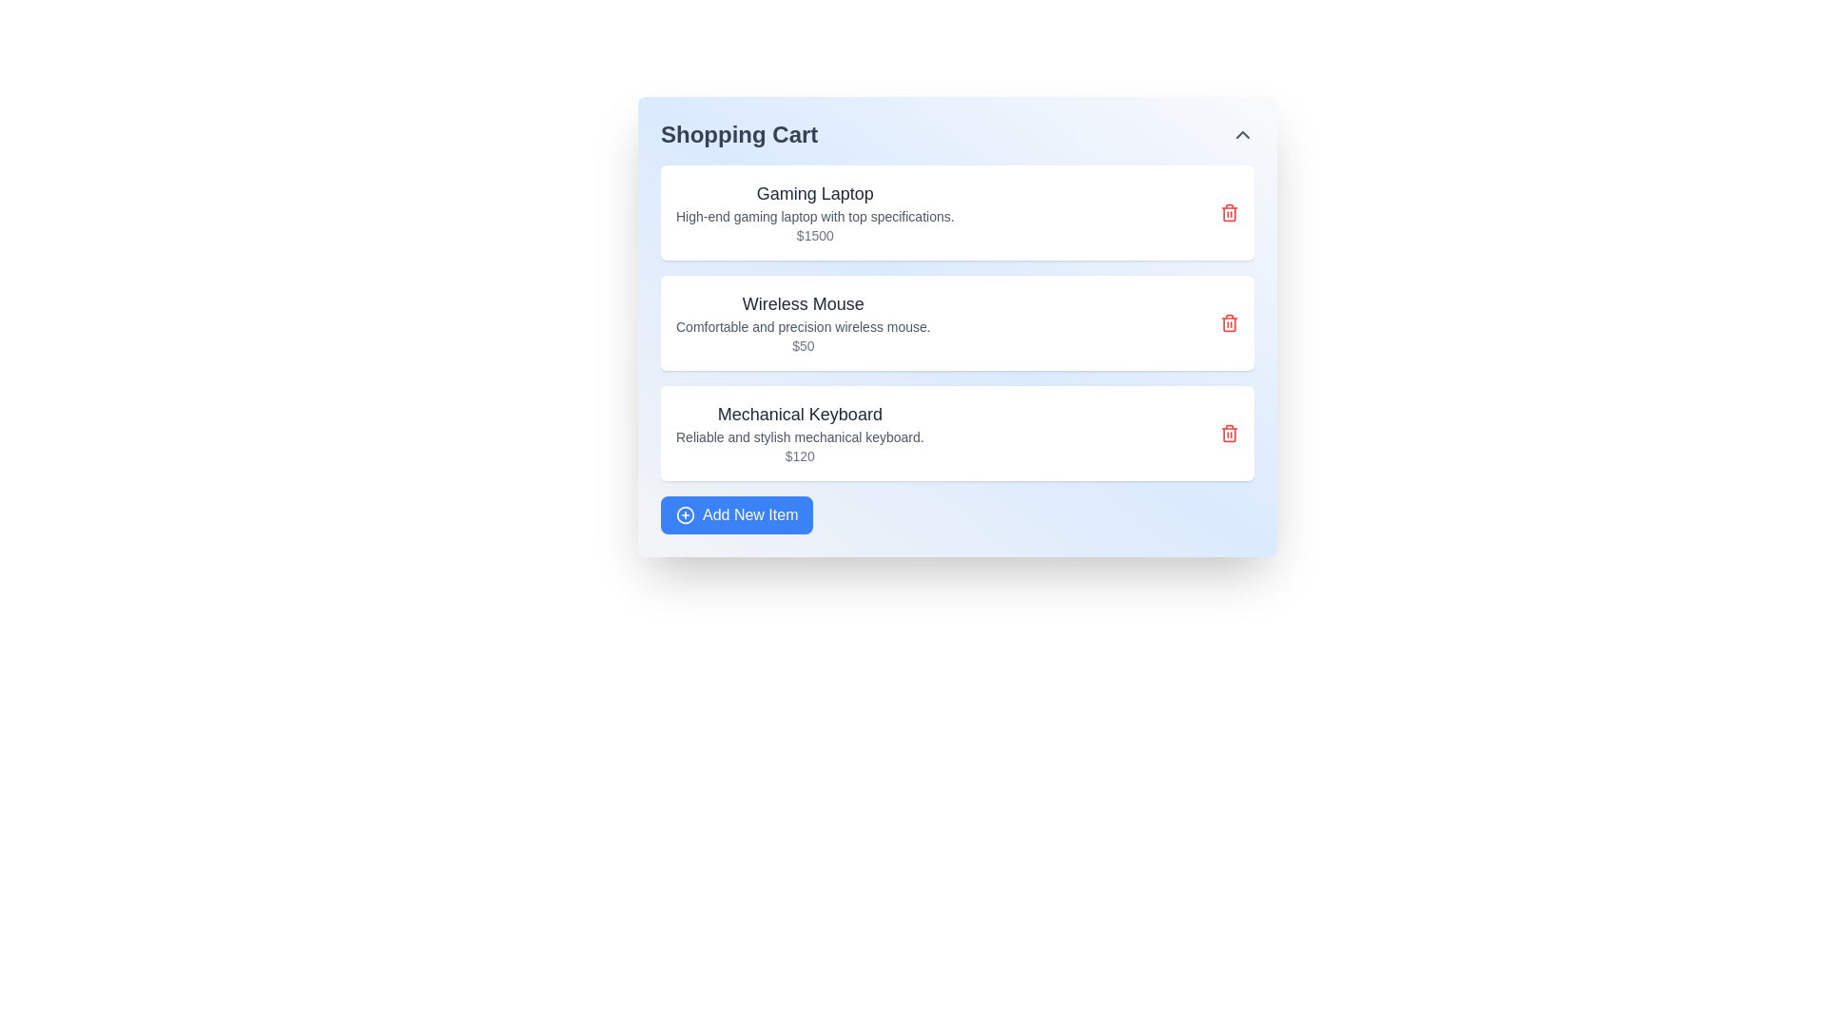  What do you see at coordinates (685, 515) in the screenshot?
I see `the icon representing the functionality of adding a new item to the shopping cart, located at the bottom-left corner of the 'Add New Item' button` at bounding box center [685, 515].